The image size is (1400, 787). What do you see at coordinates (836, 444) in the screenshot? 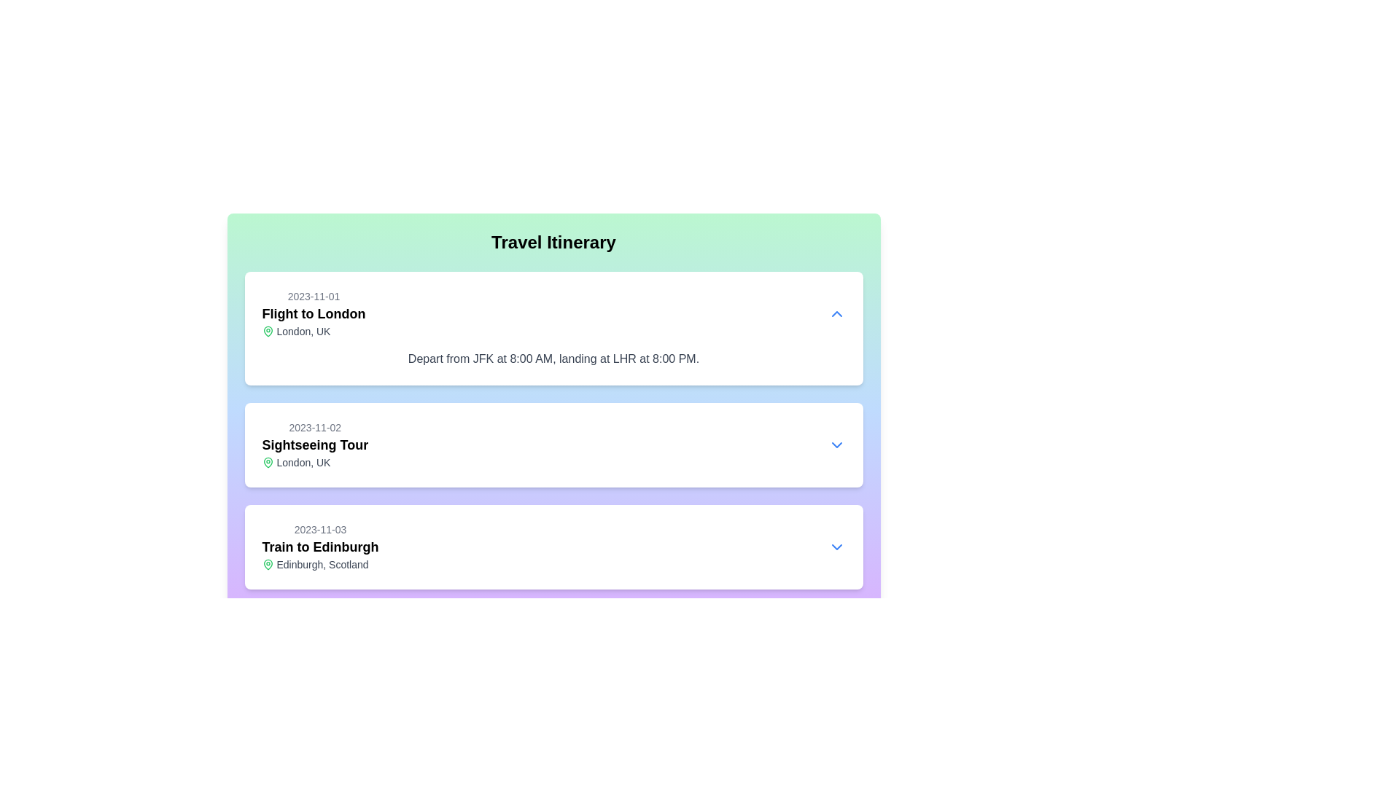
I see `the blue downwards-pointing chevron icon indicating collapsible content associated with the 'Sightseeing Tour' section in the travel itinerary interface` at bounding box center [836, 444].